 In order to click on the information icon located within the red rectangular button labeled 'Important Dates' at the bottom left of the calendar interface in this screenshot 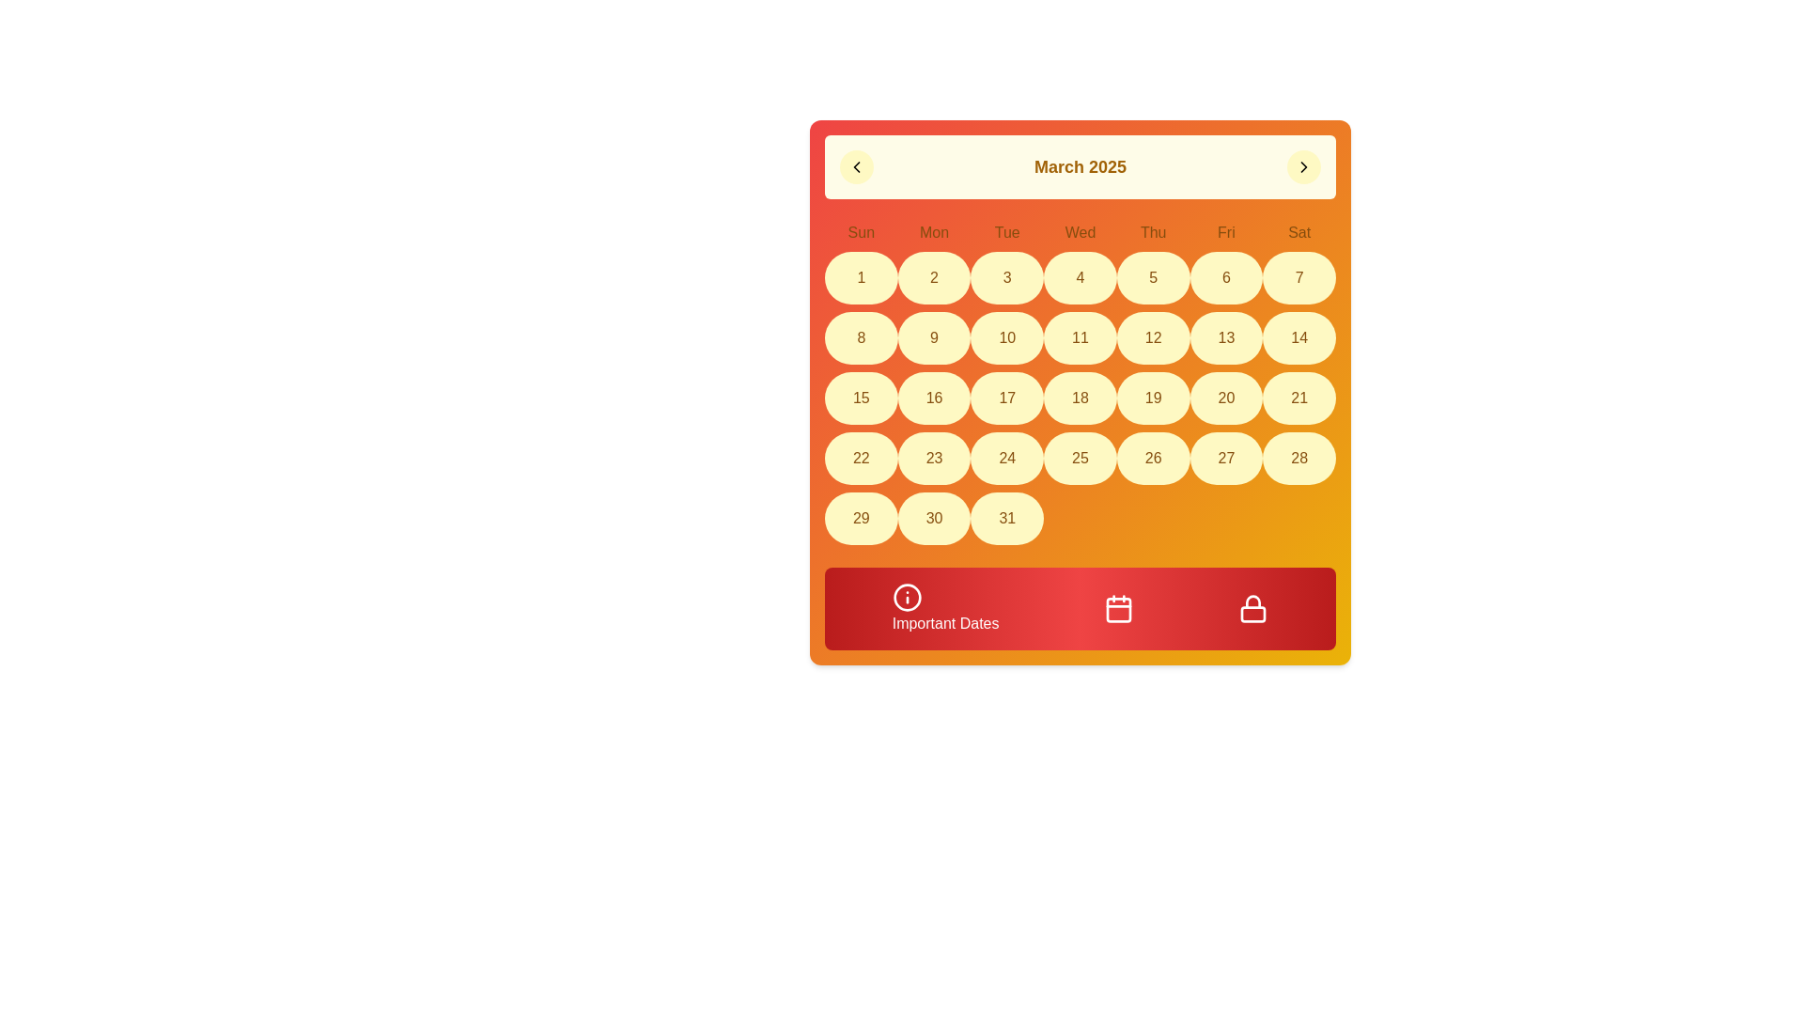, I will do `click(907, 598)`.